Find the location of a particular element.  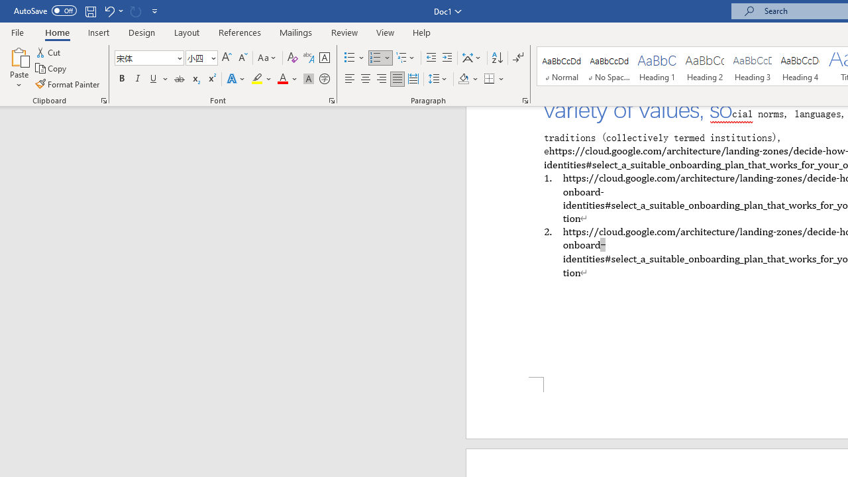

'Office Clipboard...' is located at coordinates (103, 99).